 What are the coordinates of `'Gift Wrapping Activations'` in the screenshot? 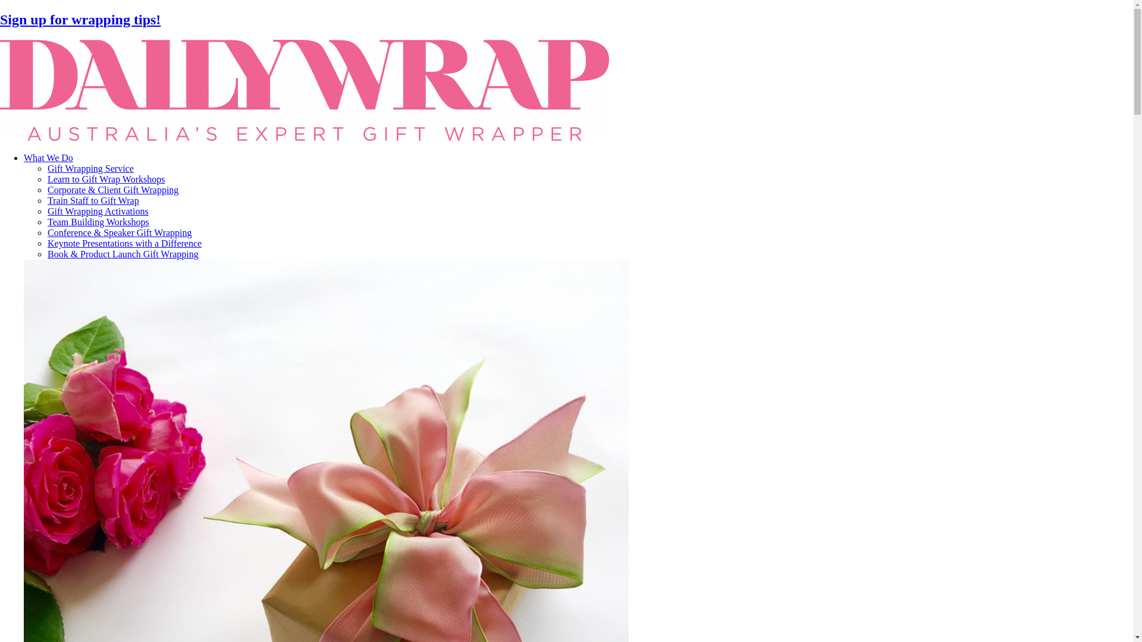 It's located at (98, 210).